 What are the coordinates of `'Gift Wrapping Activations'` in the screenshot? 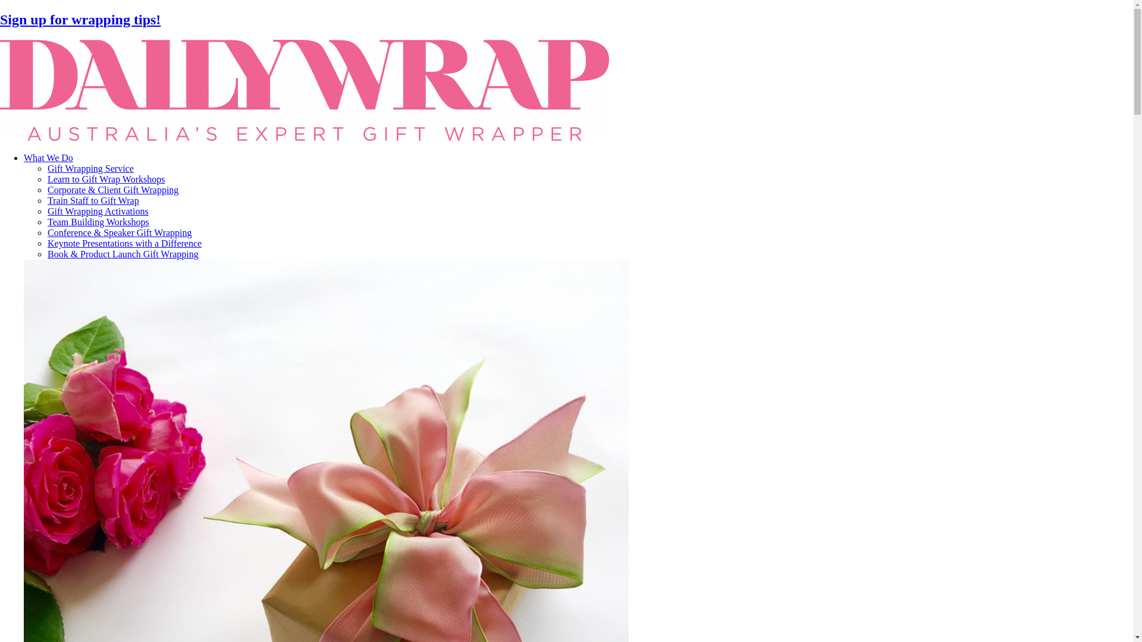 It's located at (98, 210).